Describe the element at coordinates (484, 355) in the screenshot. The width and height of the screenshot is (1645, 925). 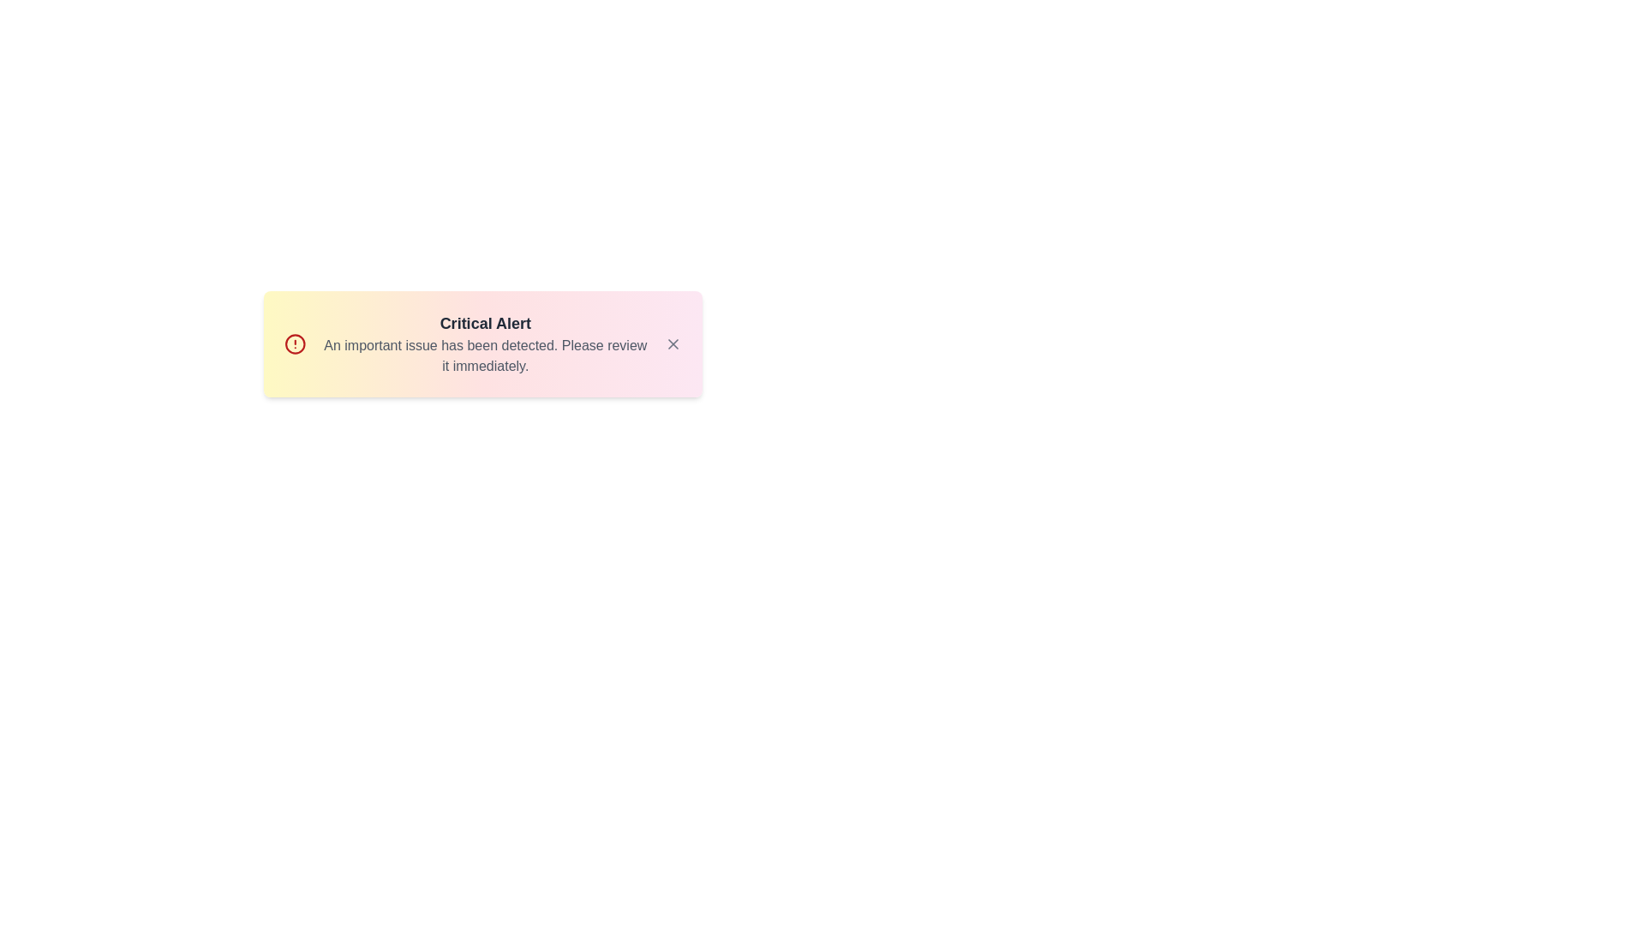
I see `text element styled in gray color that states 'An important issue has been detected. Please review it immediately.' located within the notification box under the heading 'Critical Alert'` at that location.